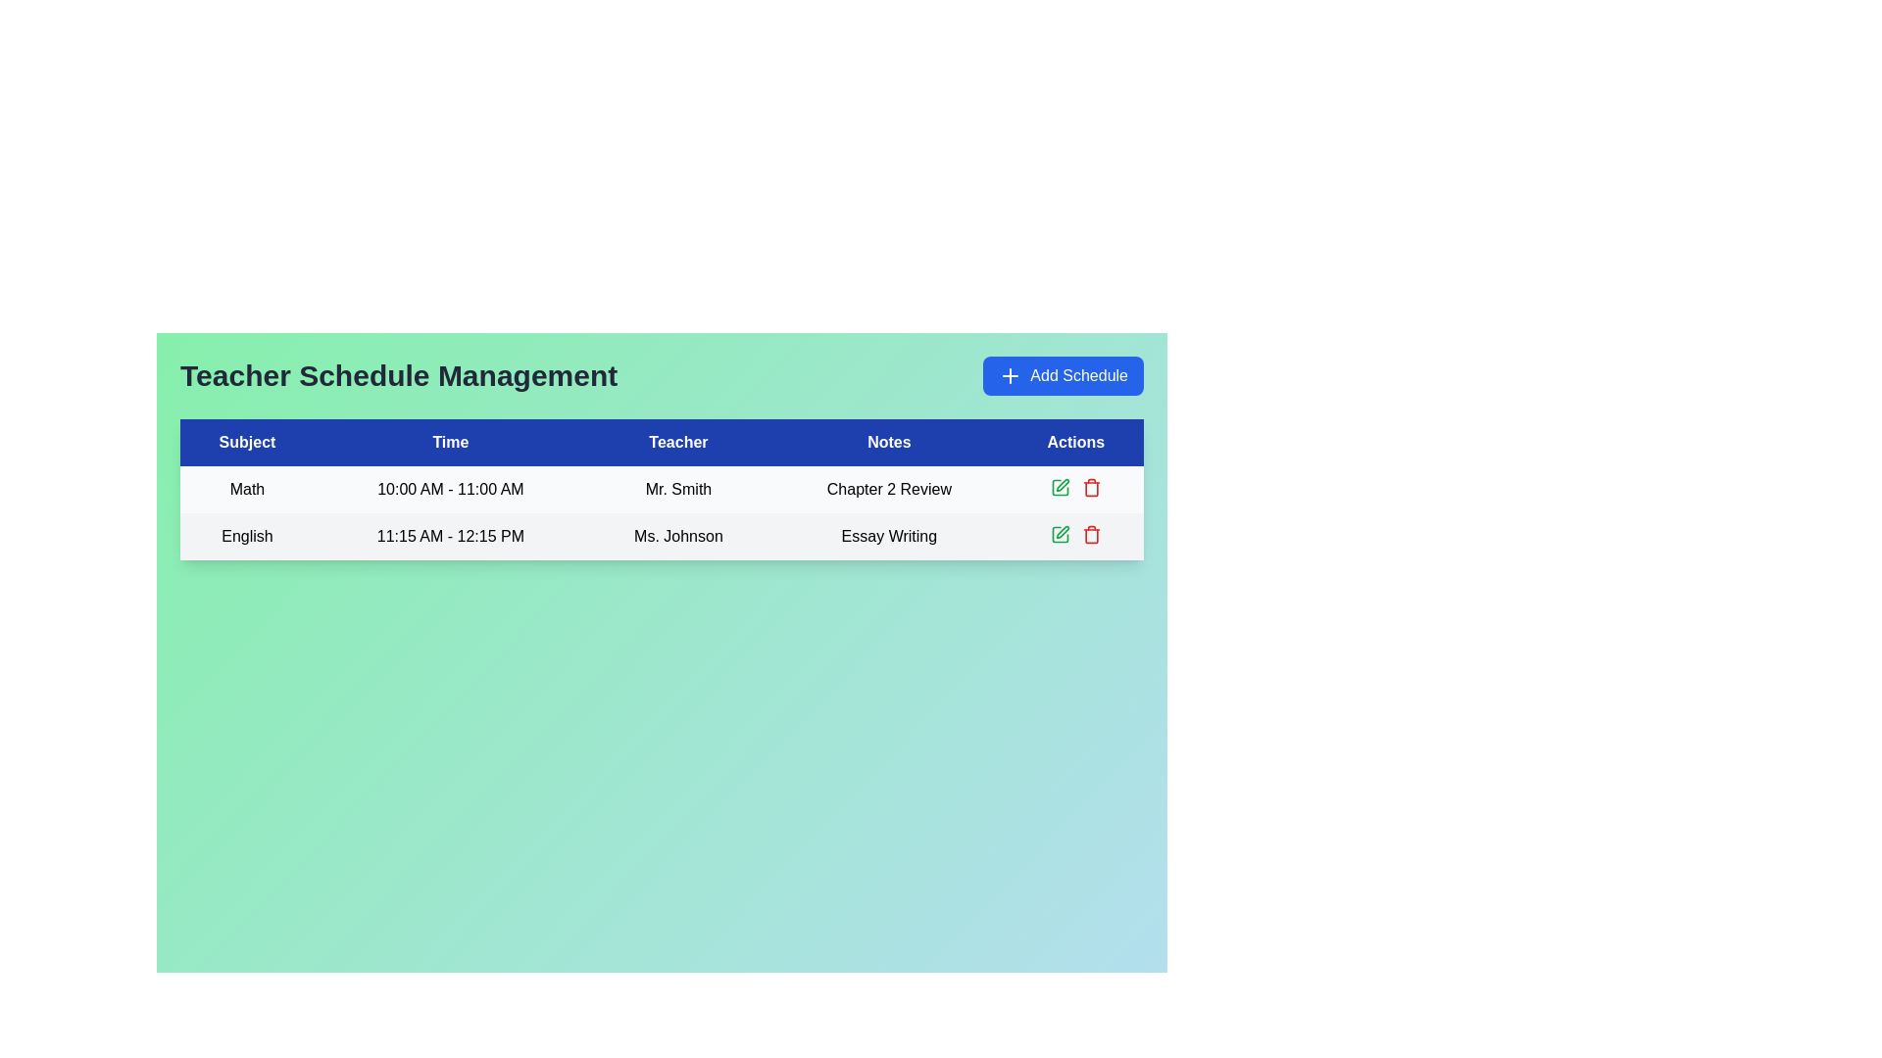 The height and width of the screenshot is (1058, 1882). What do you see at coordinates (888, 489) in the screenshot?
I see `the text label displaying 'Chapter 2 Review', which is centrally aligned in the 'Notes' column of the schedule management table` at bounding box center [888, 489].